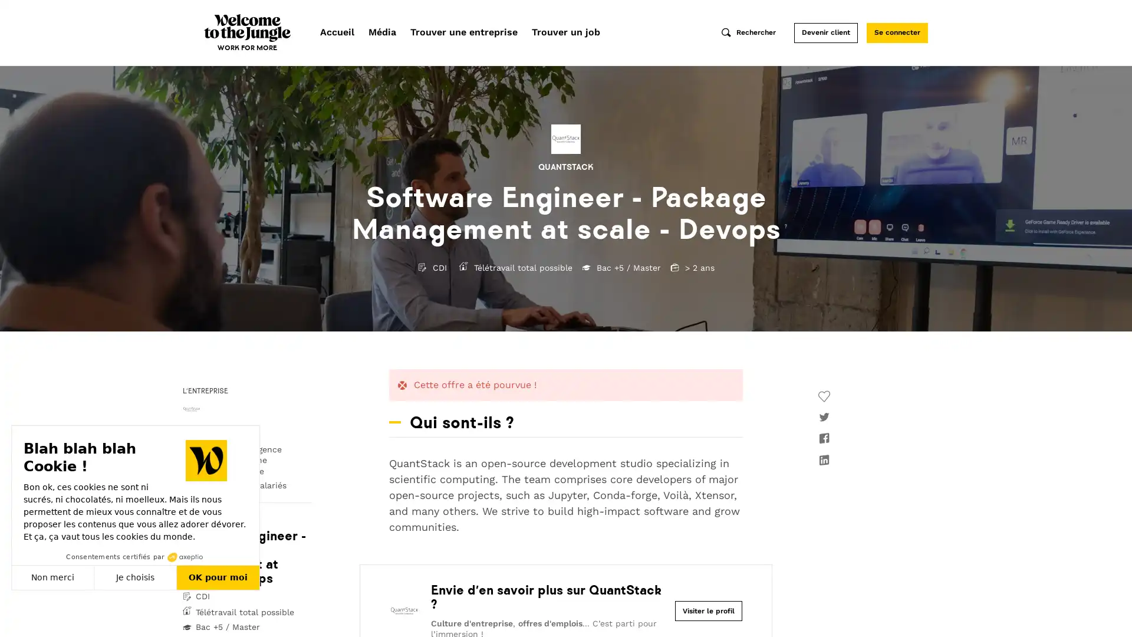 Image resolution: width=1132 pixels, height=637 pixels. What do you see at coordinates (135, 557) in the screenshot?
I see `Consentements certifies par` at bounding box center [135, 557].